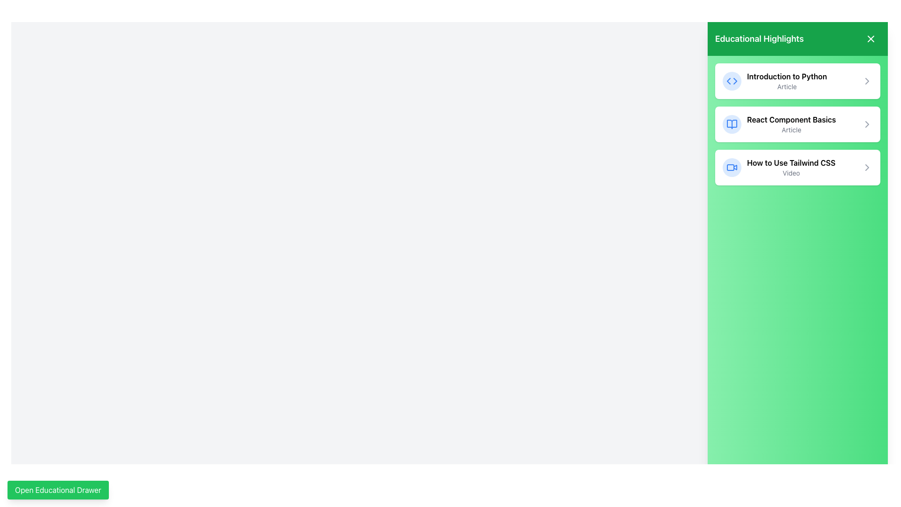 Image resolution: width=901 pixels, height=507 pixels. What do you see at coordinates (867, 124) in the screenshot?
I see `the small right-pointing chevron icon located at the far right side of the second list item in the vertical list titled 'Educational Highlights'` at bounding box center [867, 124].